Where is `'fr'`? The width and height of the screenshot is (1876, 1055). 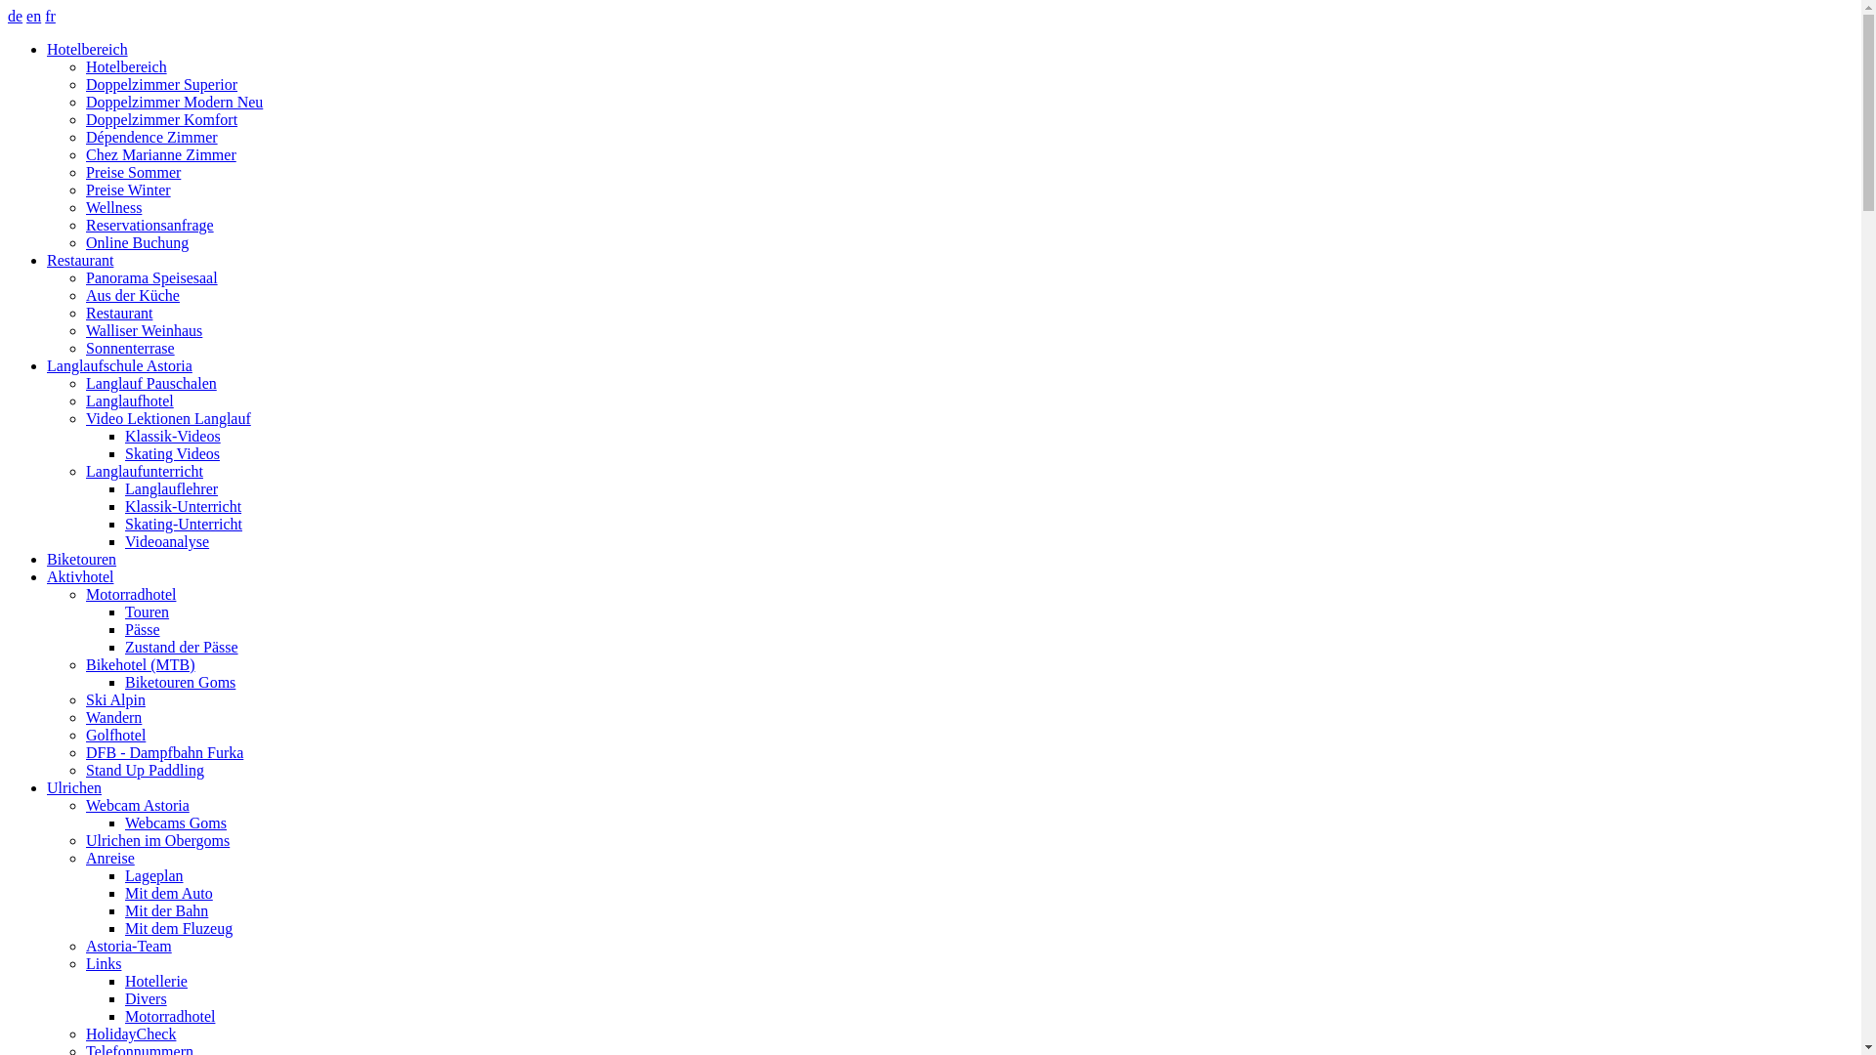
'fr' is located at coordinates (50, 16).